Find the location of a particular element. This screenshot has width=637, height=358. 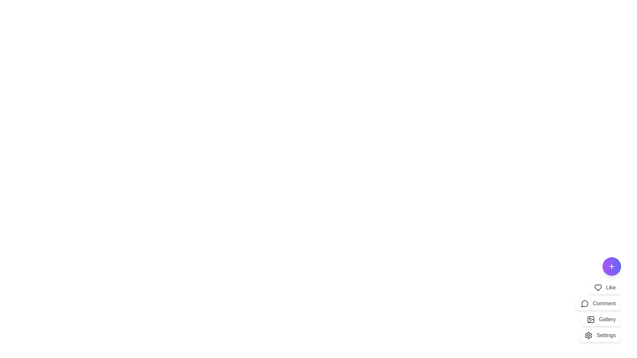

the menu option Comment to activate it is located at coordinates (598, 303).